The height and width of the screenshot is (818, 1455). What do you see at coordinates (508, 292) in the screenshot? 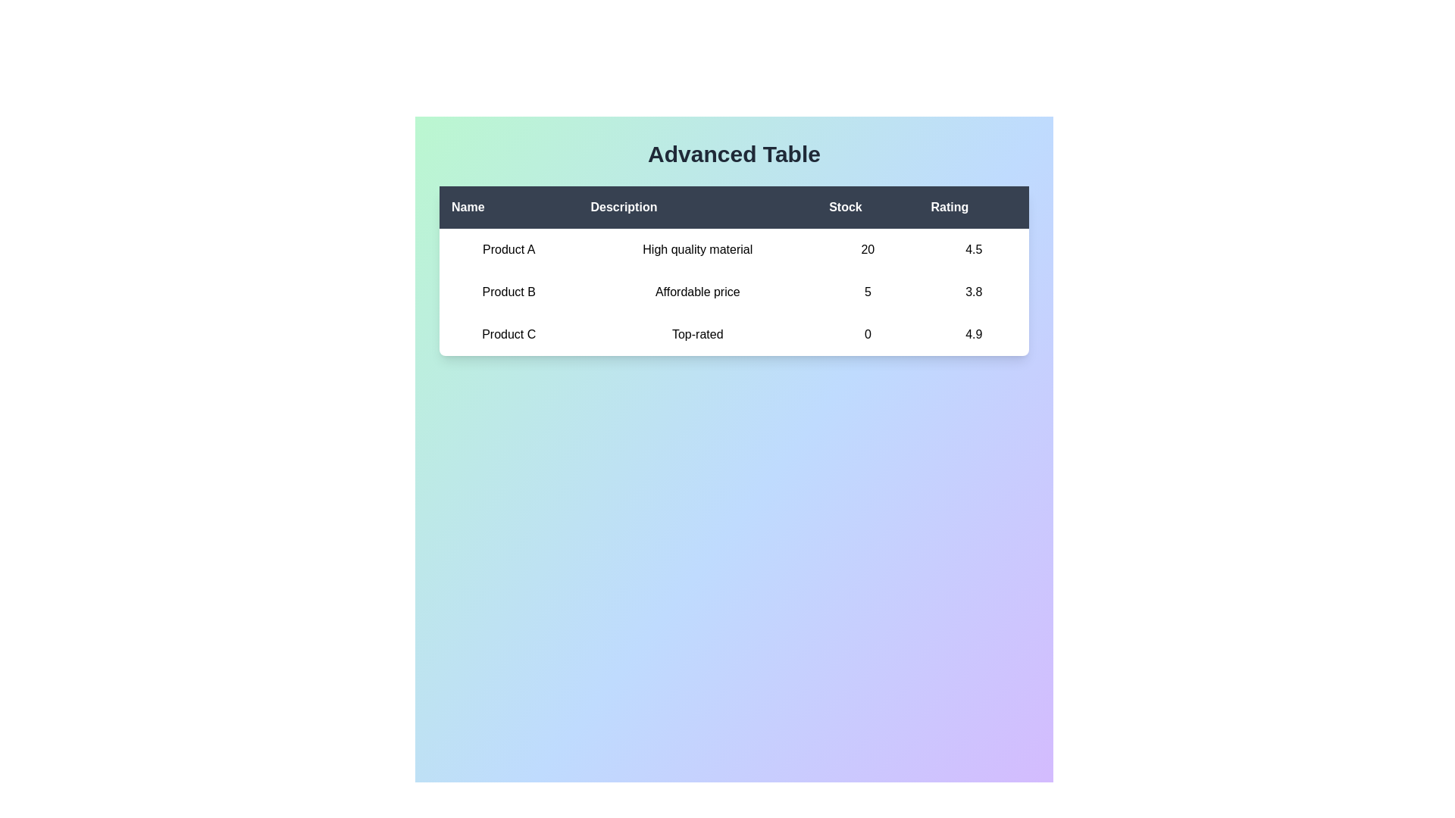
I see `text displayed in the Text Label for 'Product B', located in the second row and first column of the data table under the 'Name' header` at bounding box center [508, 292].